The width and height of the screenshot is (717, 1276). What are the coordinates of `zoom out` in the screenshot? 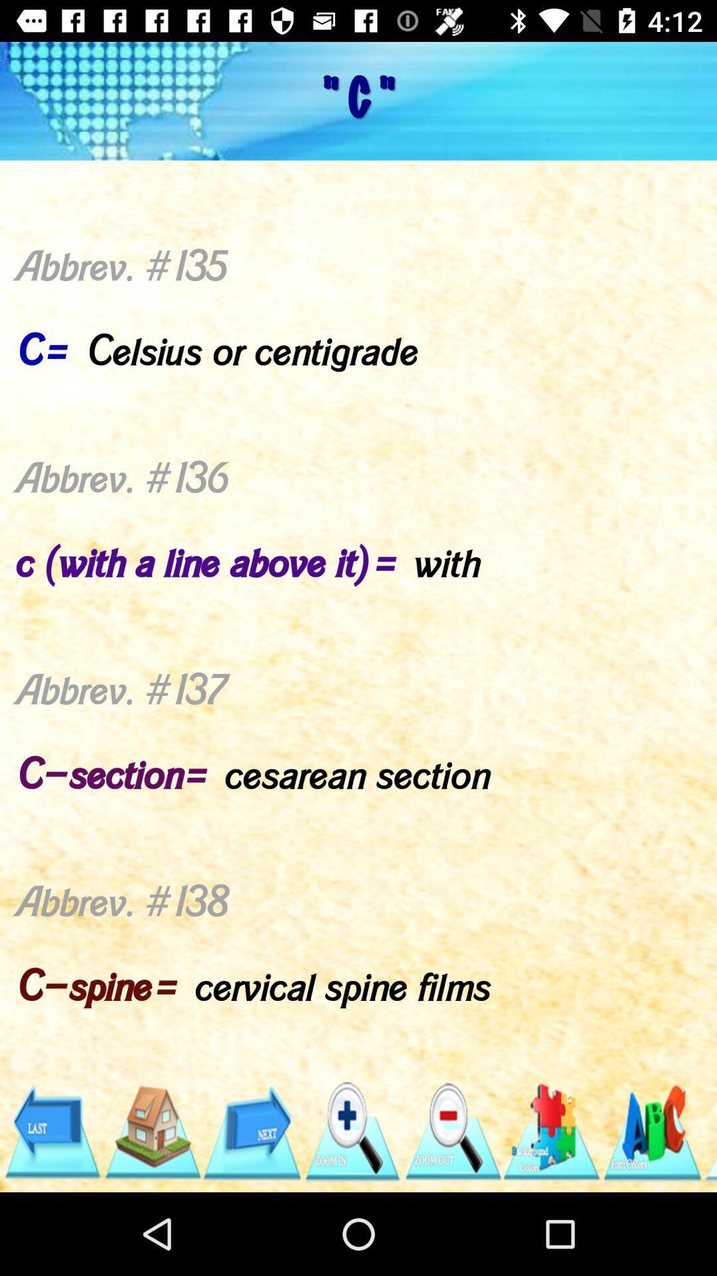 It's located at (451, 1131).